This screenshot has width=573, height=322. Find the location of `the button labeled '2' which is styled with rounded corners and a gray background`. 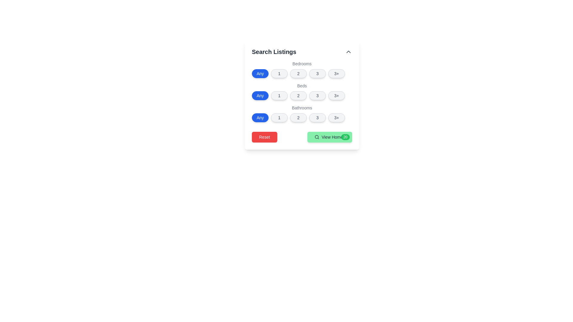

the button labeled '2' which is styled with rounded corners and a gray background is located at coordinates (298, 73).